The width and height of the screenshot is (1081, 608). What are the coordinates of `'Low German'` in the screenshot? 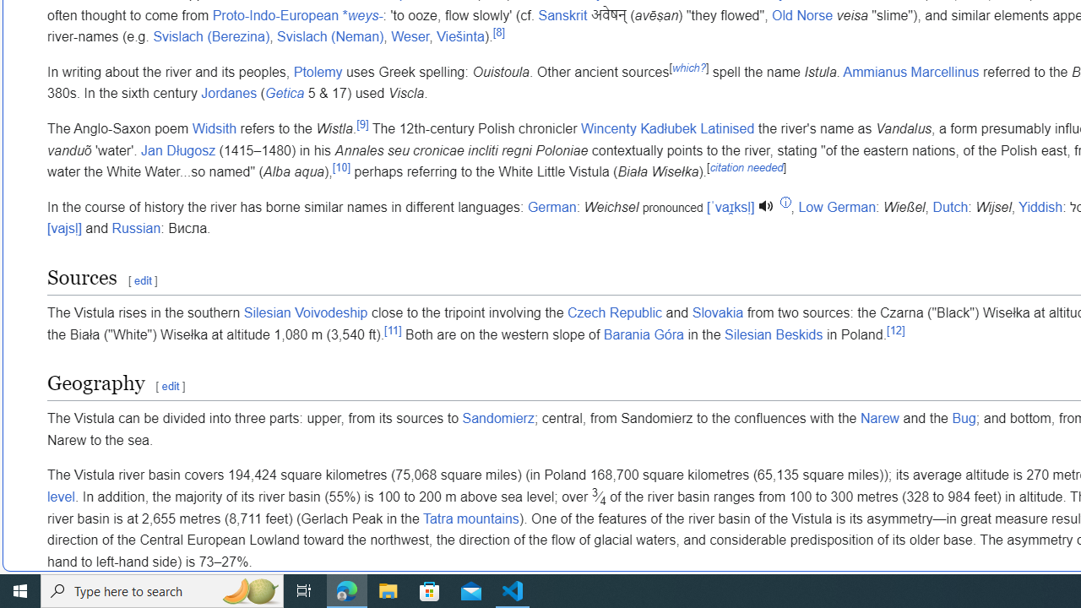 It's located at (837, 206).